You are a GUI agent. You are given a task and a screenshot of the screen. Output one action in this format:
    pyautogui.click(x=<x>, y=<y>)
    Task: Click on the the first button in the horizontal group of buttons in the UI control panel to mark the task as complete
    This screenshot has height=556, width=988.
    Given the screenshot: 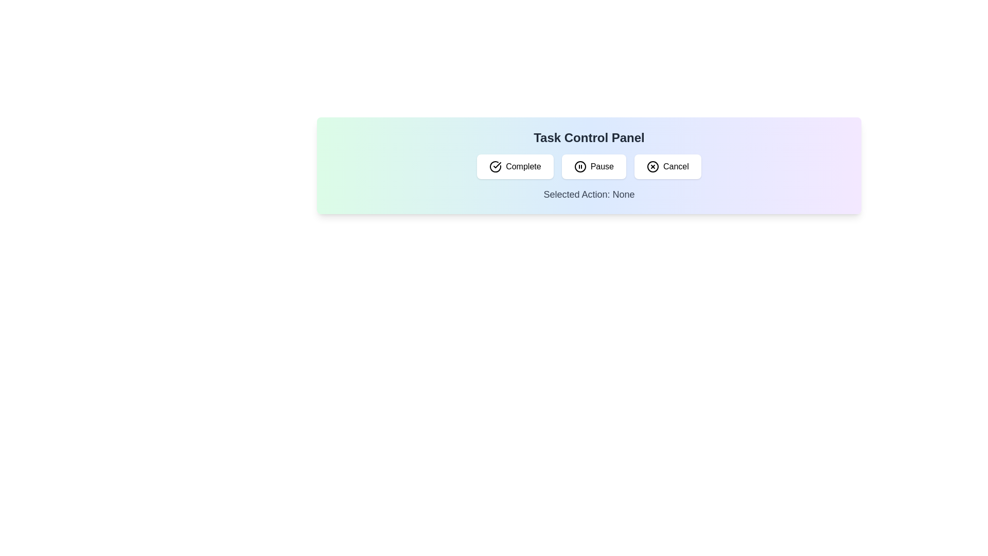 What is the action you would take?
    pyautogui.click(x=515, y=166)
    